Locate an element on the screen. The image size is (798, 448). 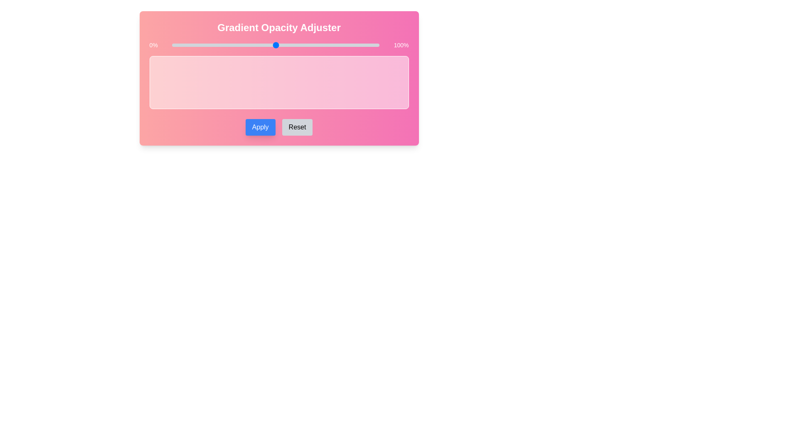
the opacity to 39% using the slider is located at coordinates (252, 45).